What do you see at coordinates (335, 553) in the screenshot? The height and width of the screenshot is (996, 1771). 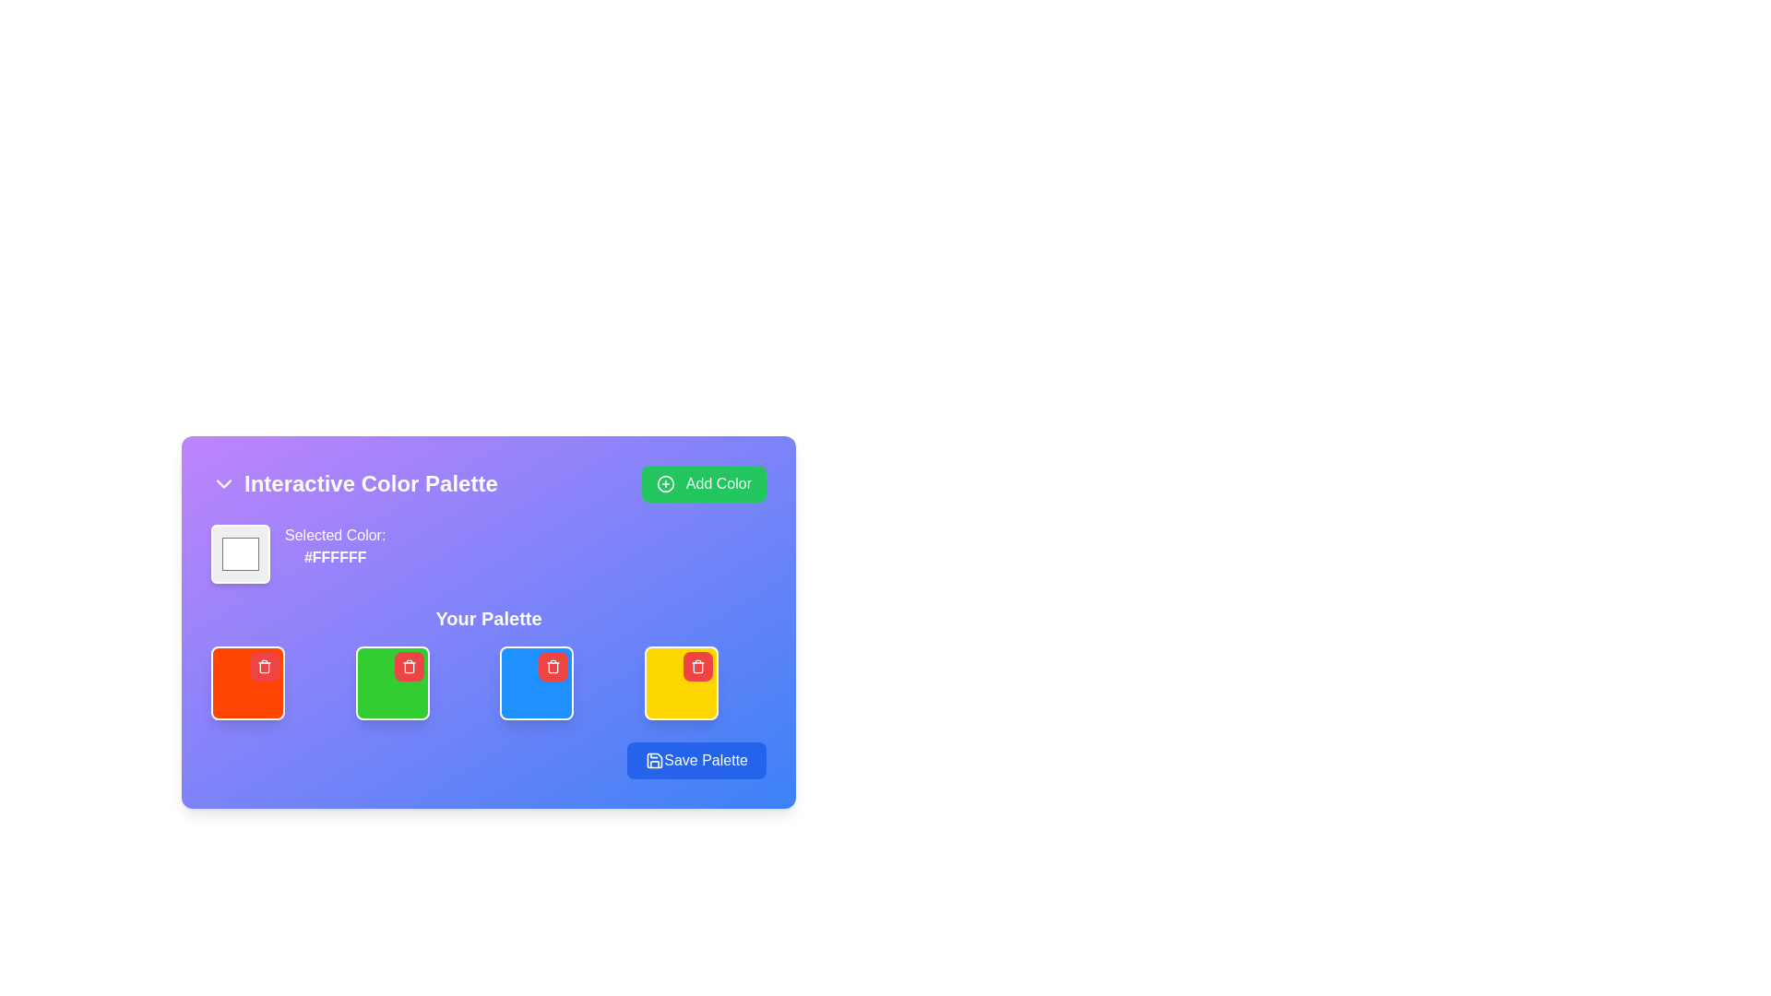 I see `the Text Label that displays the currently selected color's value in hexadecimal format, positioned near the top left of the color palette interface` at bounding box center [335, 553].